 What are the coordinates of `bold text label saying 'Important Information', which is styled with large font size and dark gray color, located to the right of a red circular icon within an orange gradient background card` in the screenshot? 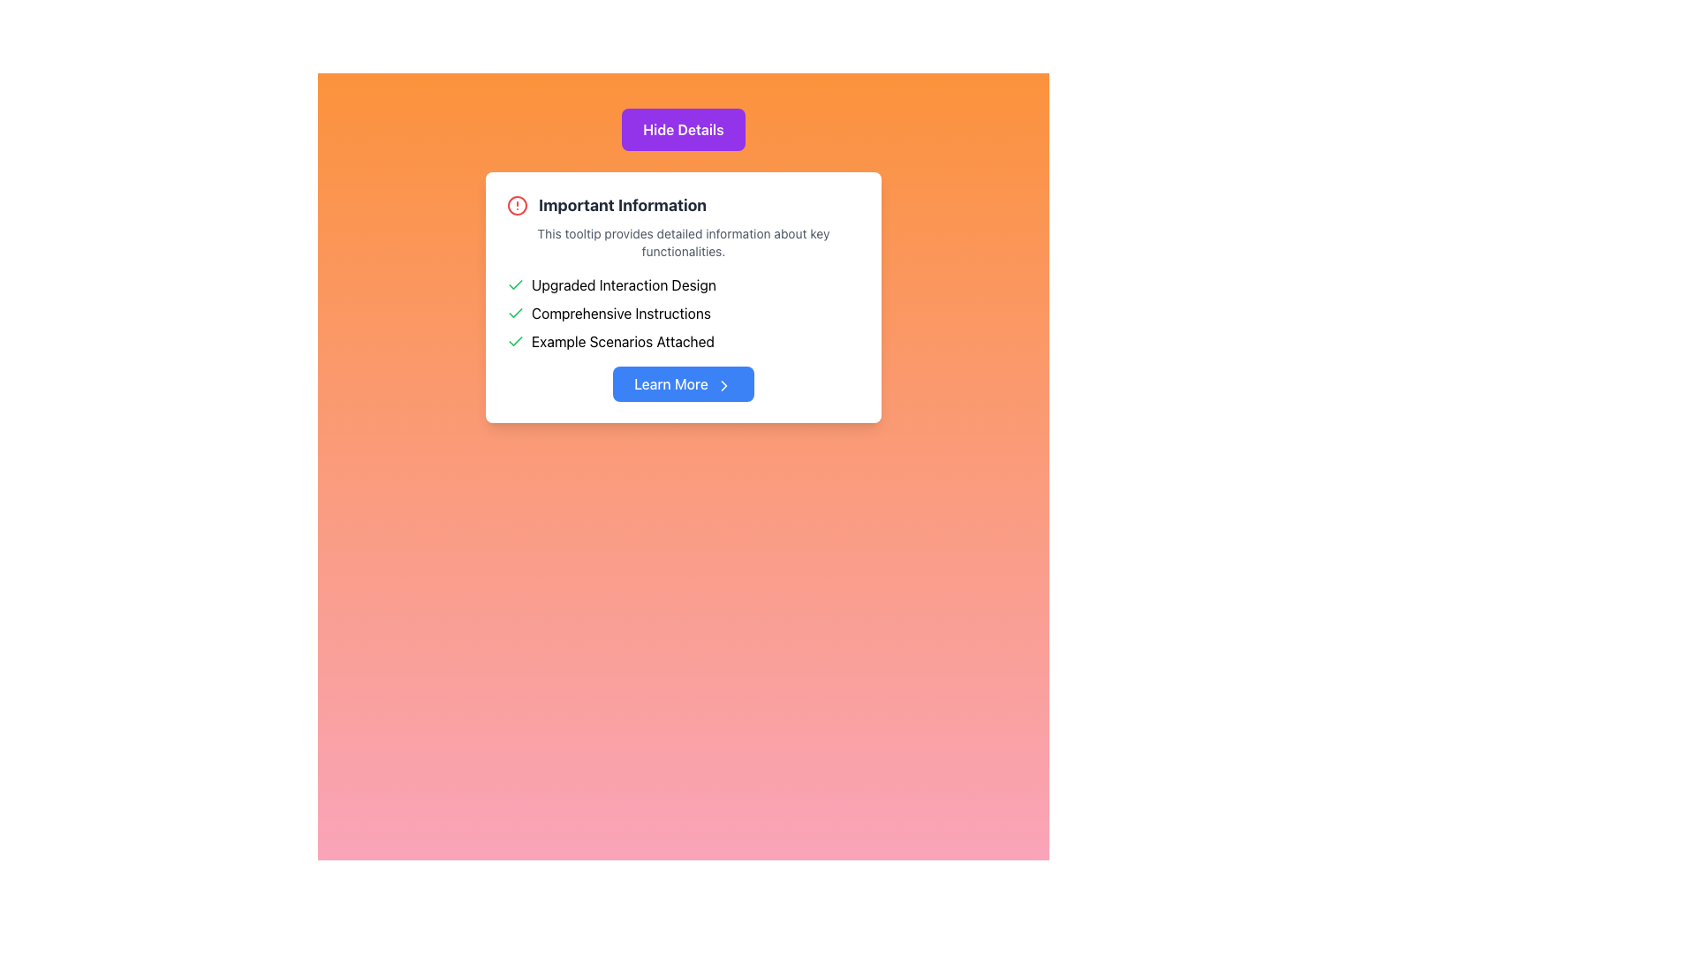 It's located at (623, 204).